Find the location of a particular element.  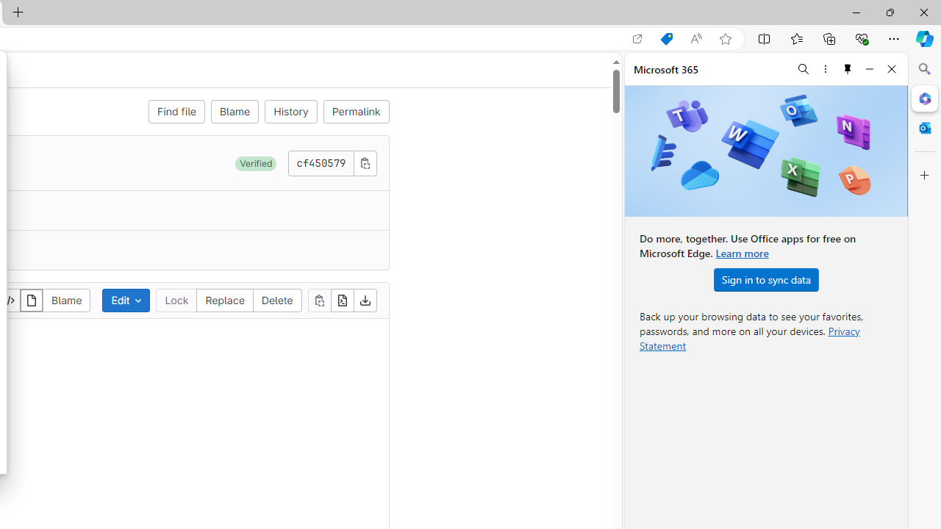

'Open in app' is located at coordinates (637, 38).